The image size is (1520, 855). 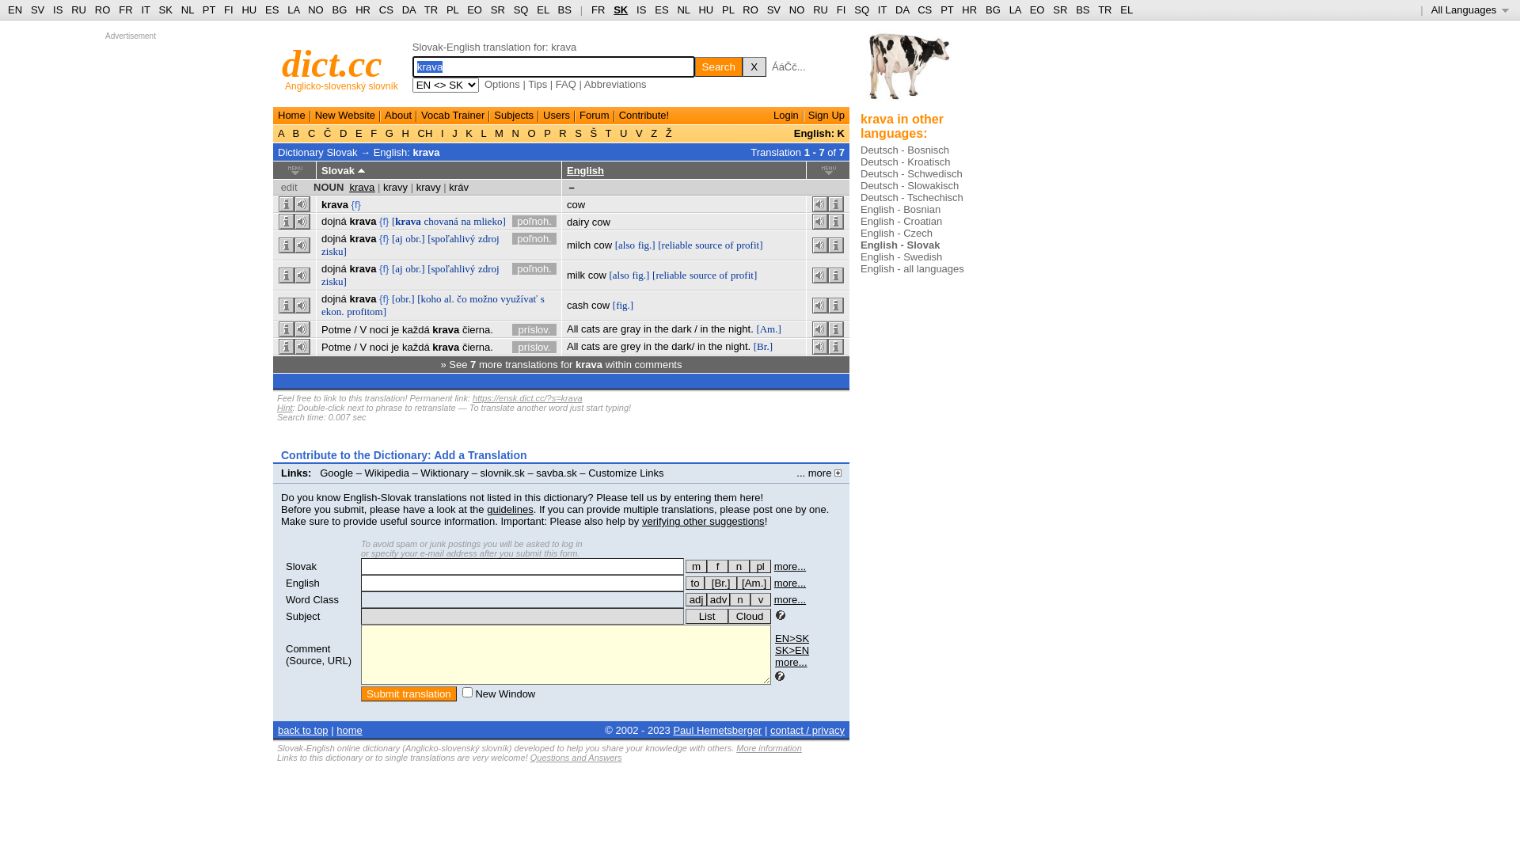 I want to click on 'milch', so click(x=577, y=245).